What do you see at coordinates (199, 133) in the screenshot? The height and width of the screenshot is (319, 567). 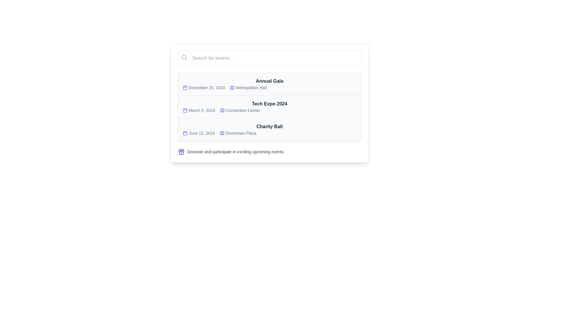 I see `the static text displaying the date 'June 15, 2024' with an indigo calendar icon, located in the 'Charity Ball' section` at bounding box center [199, 133].